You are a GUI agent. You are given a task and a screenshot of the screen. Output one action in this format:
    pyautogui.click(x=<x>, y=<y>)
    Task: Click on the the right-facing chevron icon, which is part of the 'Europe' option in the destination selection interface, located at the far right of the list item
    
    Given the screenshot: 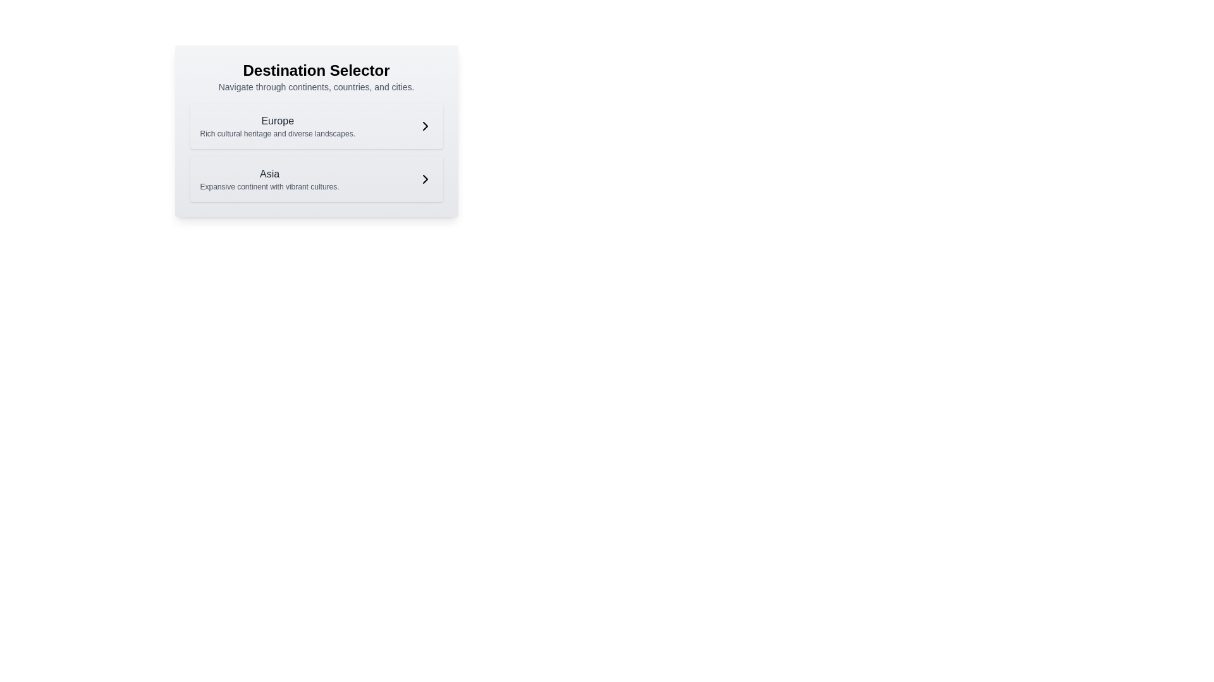 What is the action you would take?
    pyautogui.click(x=425, y=126)
    